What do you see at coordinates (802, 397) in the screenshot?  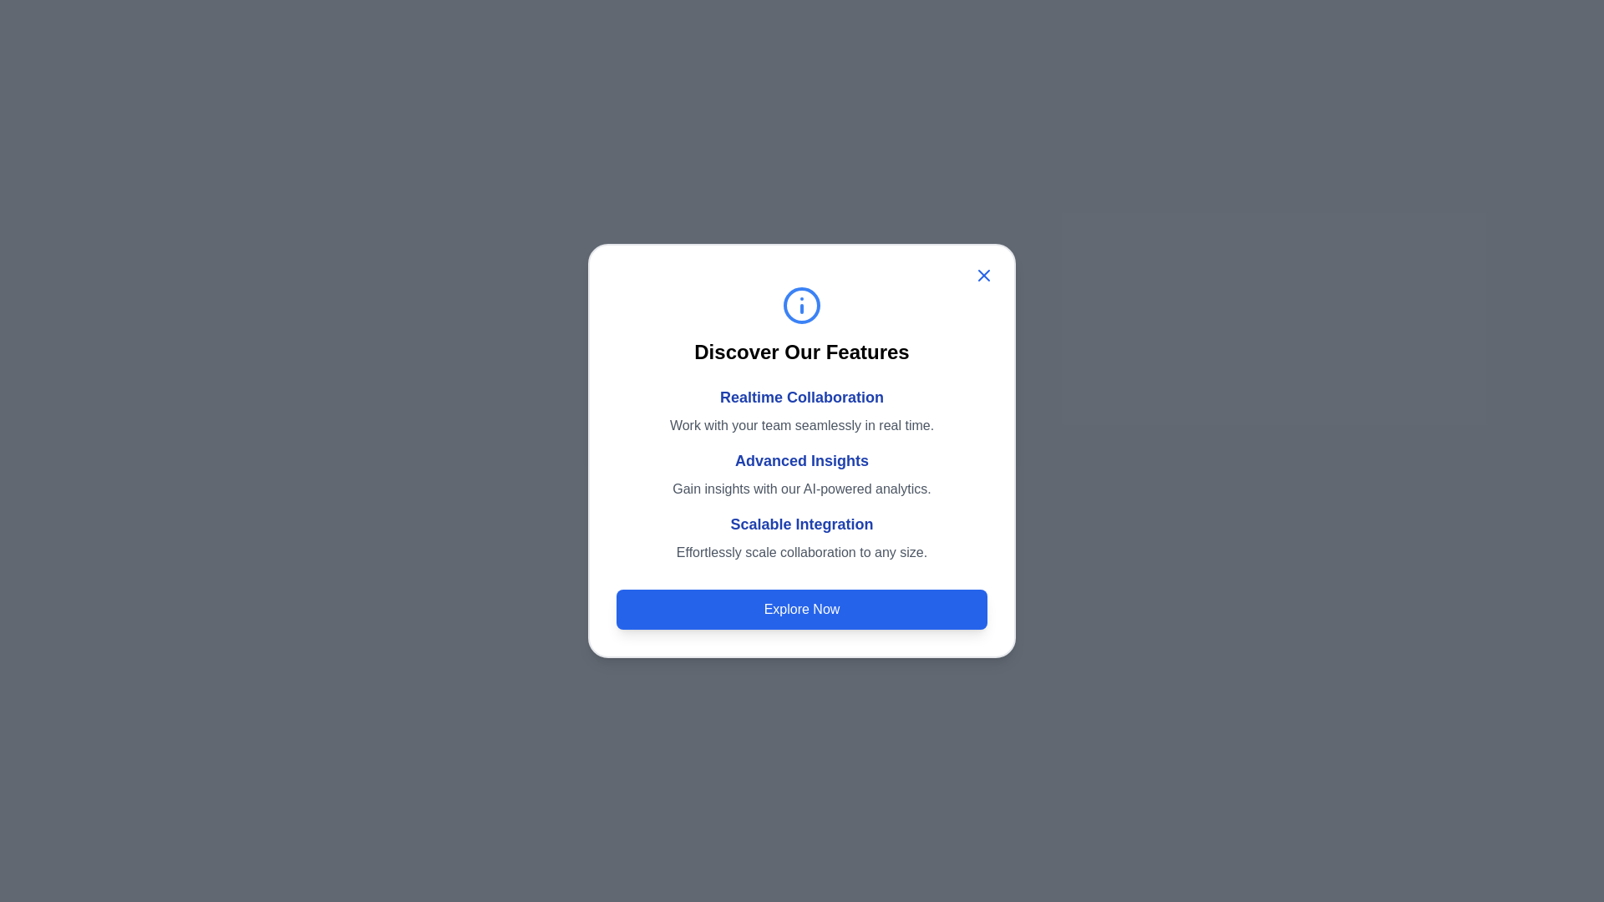 I see `the prominently styled text label in blue reading 'Realtime Collaboration', located centrally within the feature description section, below the title 'Discover Our Features'` at bounding box center [802, 397].